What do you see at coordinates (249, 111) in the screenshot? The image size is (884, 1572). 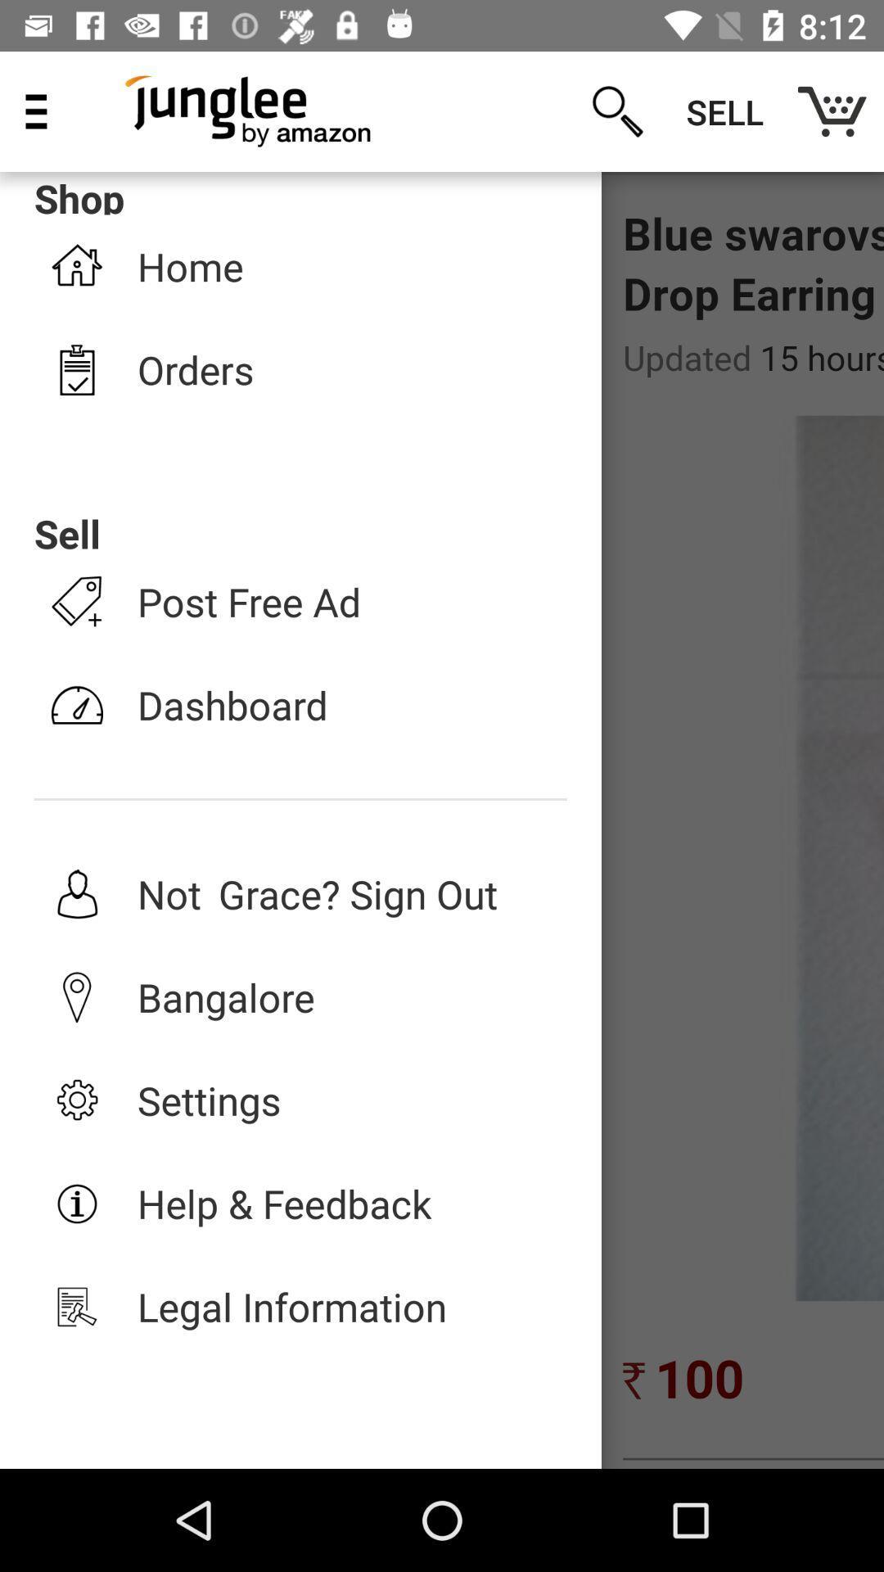 I see `the logo next to the menu icon` at bounding box center [249, 111].